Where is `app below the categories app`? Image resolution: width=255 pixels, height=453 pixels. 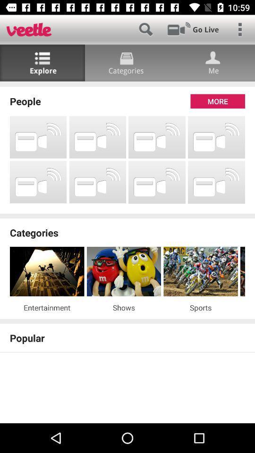 app below the categories app is located at coordinates (243, 271).